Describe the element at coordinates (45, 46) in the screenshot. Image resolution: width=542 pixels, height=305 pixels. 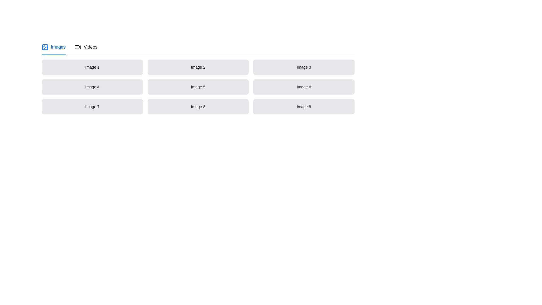
I see `the rounded square SVG icon` at that location.